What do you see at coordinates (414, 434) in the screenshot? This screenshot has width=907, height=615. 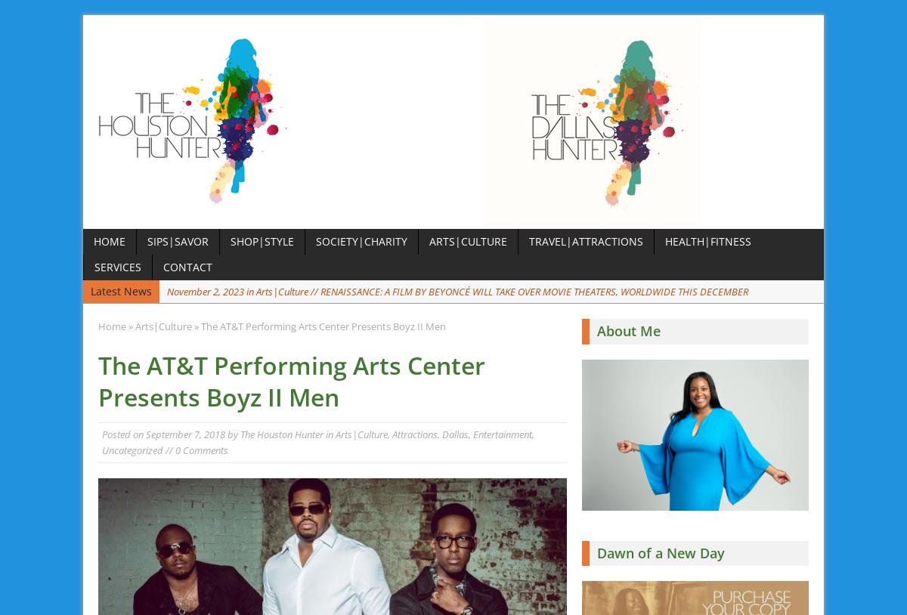 I see `'Attractions'` at bounding box center [414, 434].